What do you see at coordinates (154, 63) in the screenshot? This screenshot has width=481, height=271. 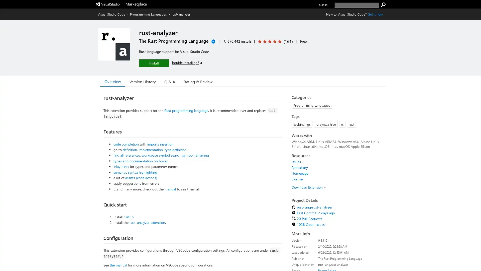 I see `Install` at bounding box center [154, 63].